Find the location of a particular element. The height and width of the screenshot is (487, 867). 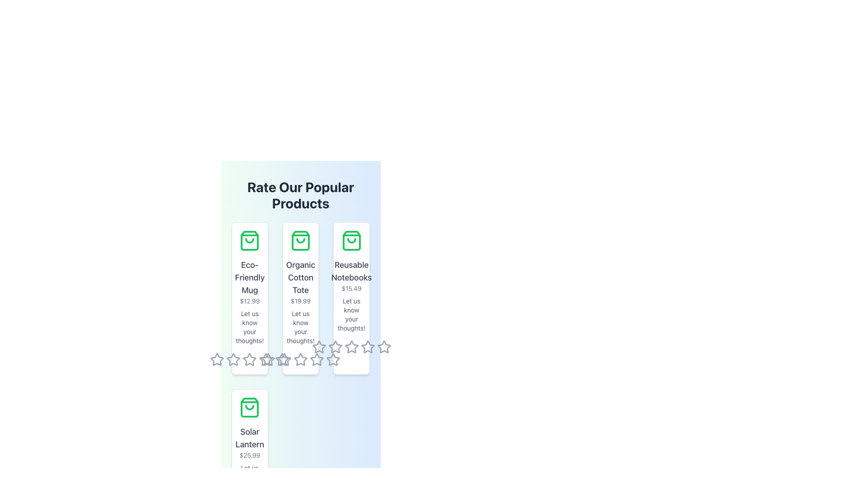

the third star in the horizontal series of five stars below the 'Organic Cotton Tote' product card is located at coordinates (282, 359).